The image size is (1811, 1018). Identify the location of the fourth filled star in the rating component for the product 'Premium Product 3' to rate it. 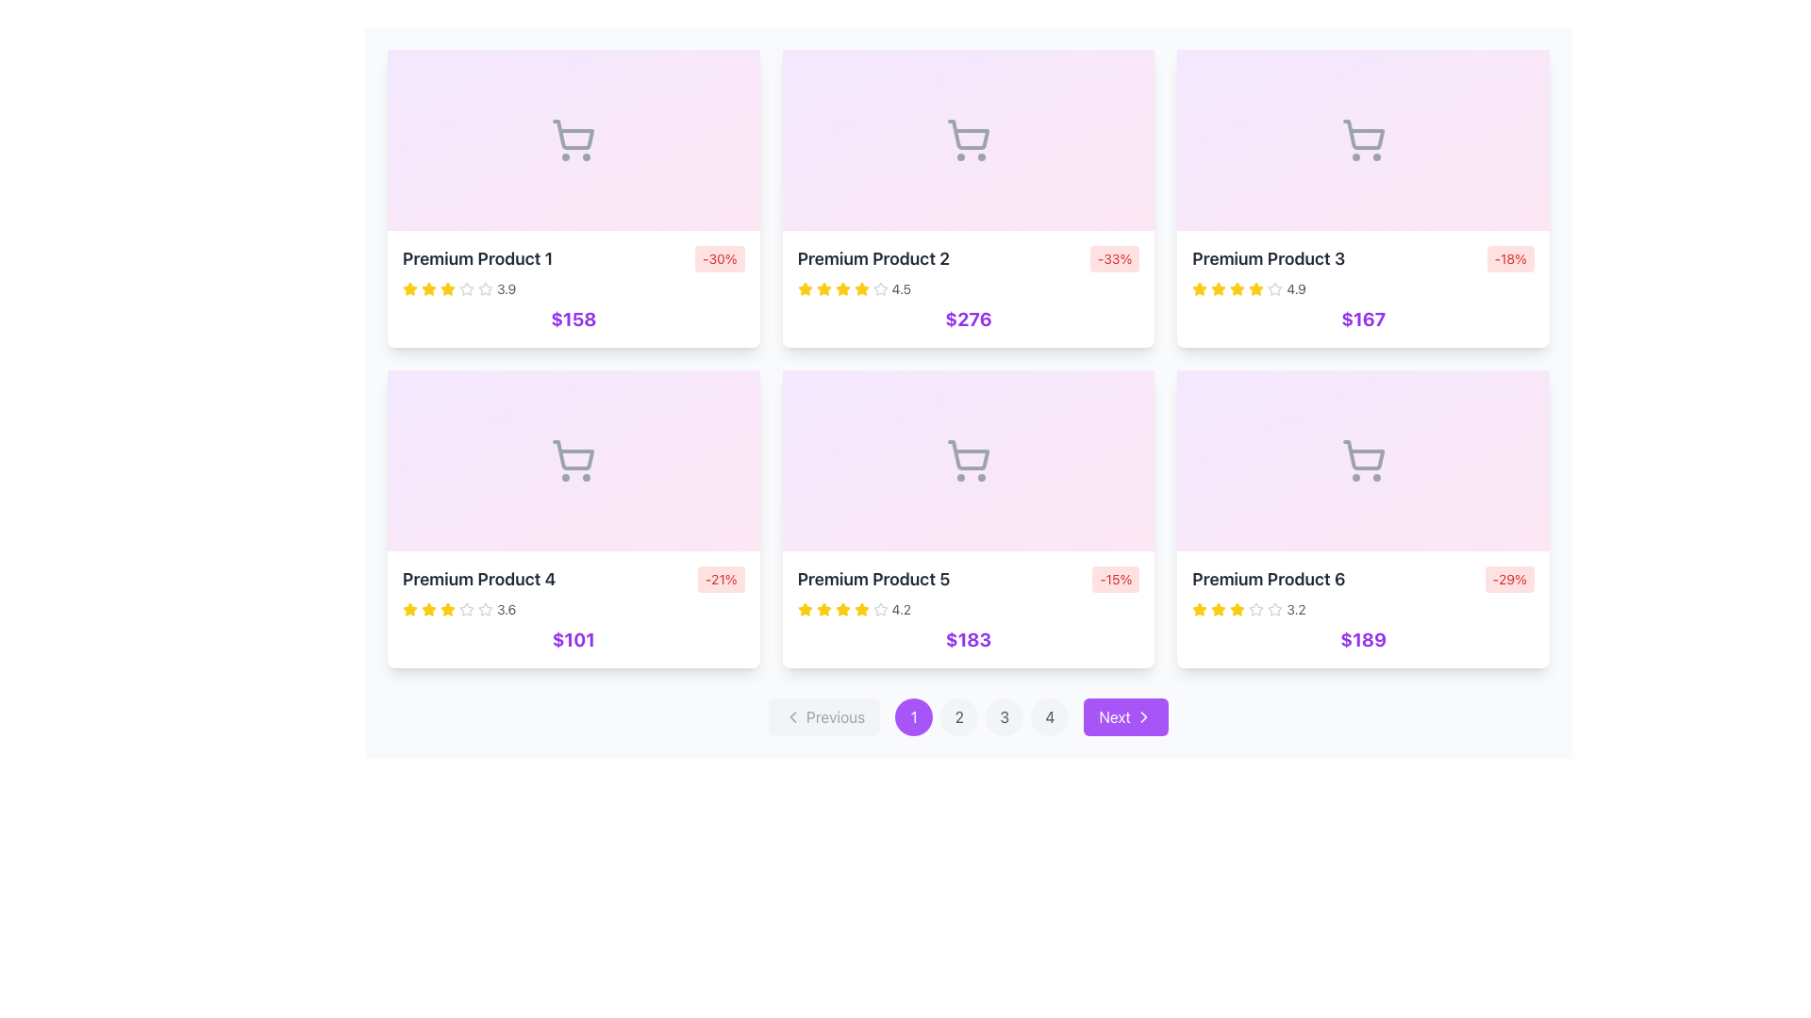
(1275, 288).